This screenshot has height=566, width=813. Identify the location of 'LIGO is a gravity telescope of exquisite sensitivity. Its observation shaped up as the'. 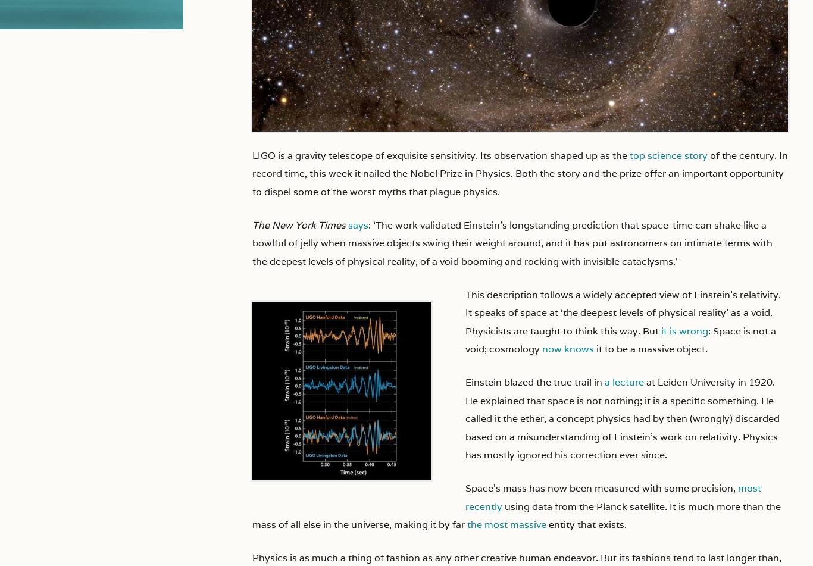
(252, 155).